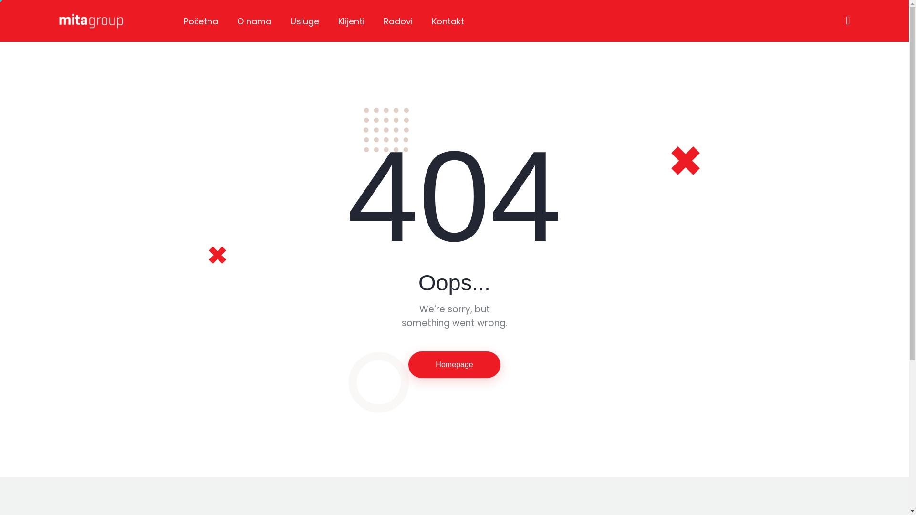  Describe the element at coordinates (421, 21) in the screenshot. I see `'Kontakt'` at that location.